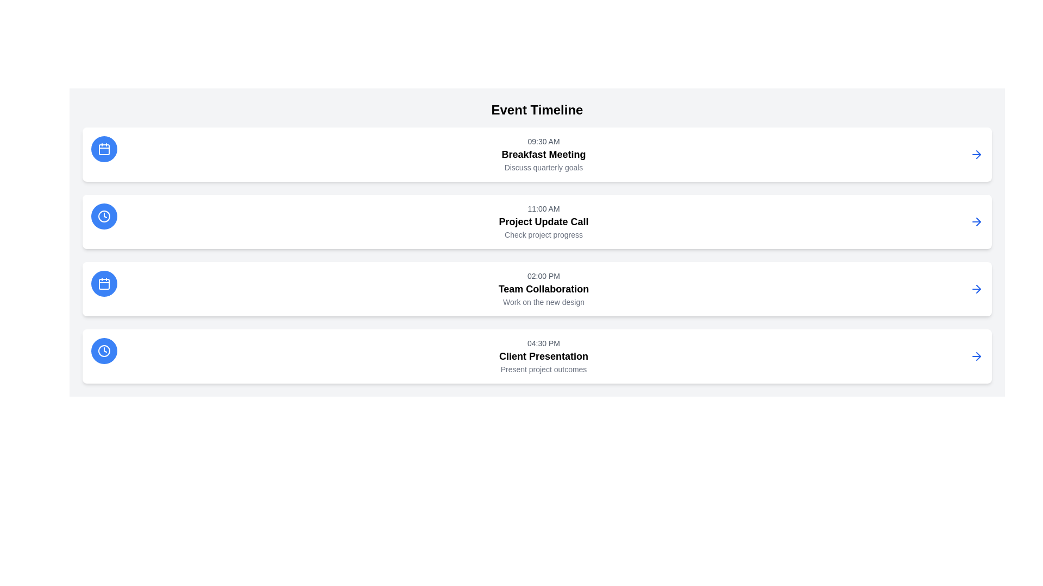  Describe the element at coordinates (977, 221) in the screenshot. I see `the blue rightward arrow icon adjacent to the 'Project Update Call' section in the Event Timeline interface` at that location.